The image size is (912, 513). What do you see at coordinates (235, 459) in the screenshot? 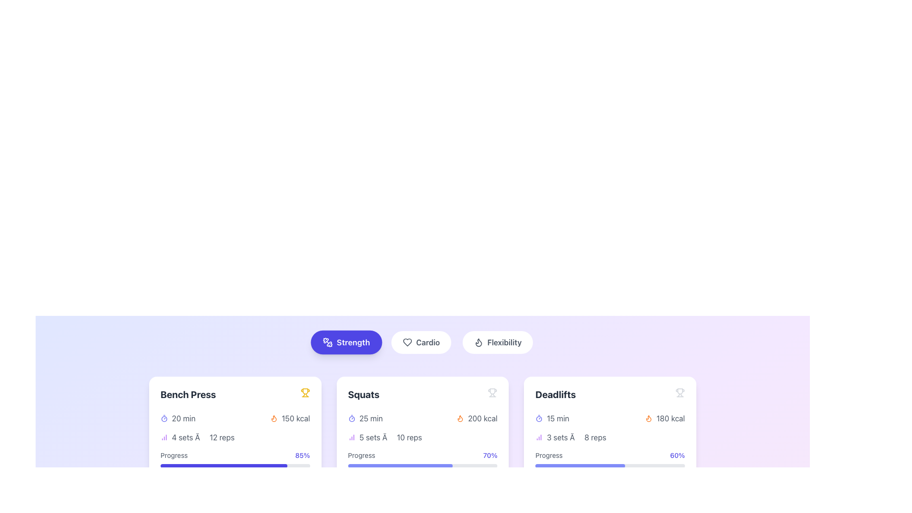
I see `the Progress Bar indicating 85% completion for the 'Bench Press' exercise activity, located above the 'Start Workout' button` at bounding box center [235, 459].